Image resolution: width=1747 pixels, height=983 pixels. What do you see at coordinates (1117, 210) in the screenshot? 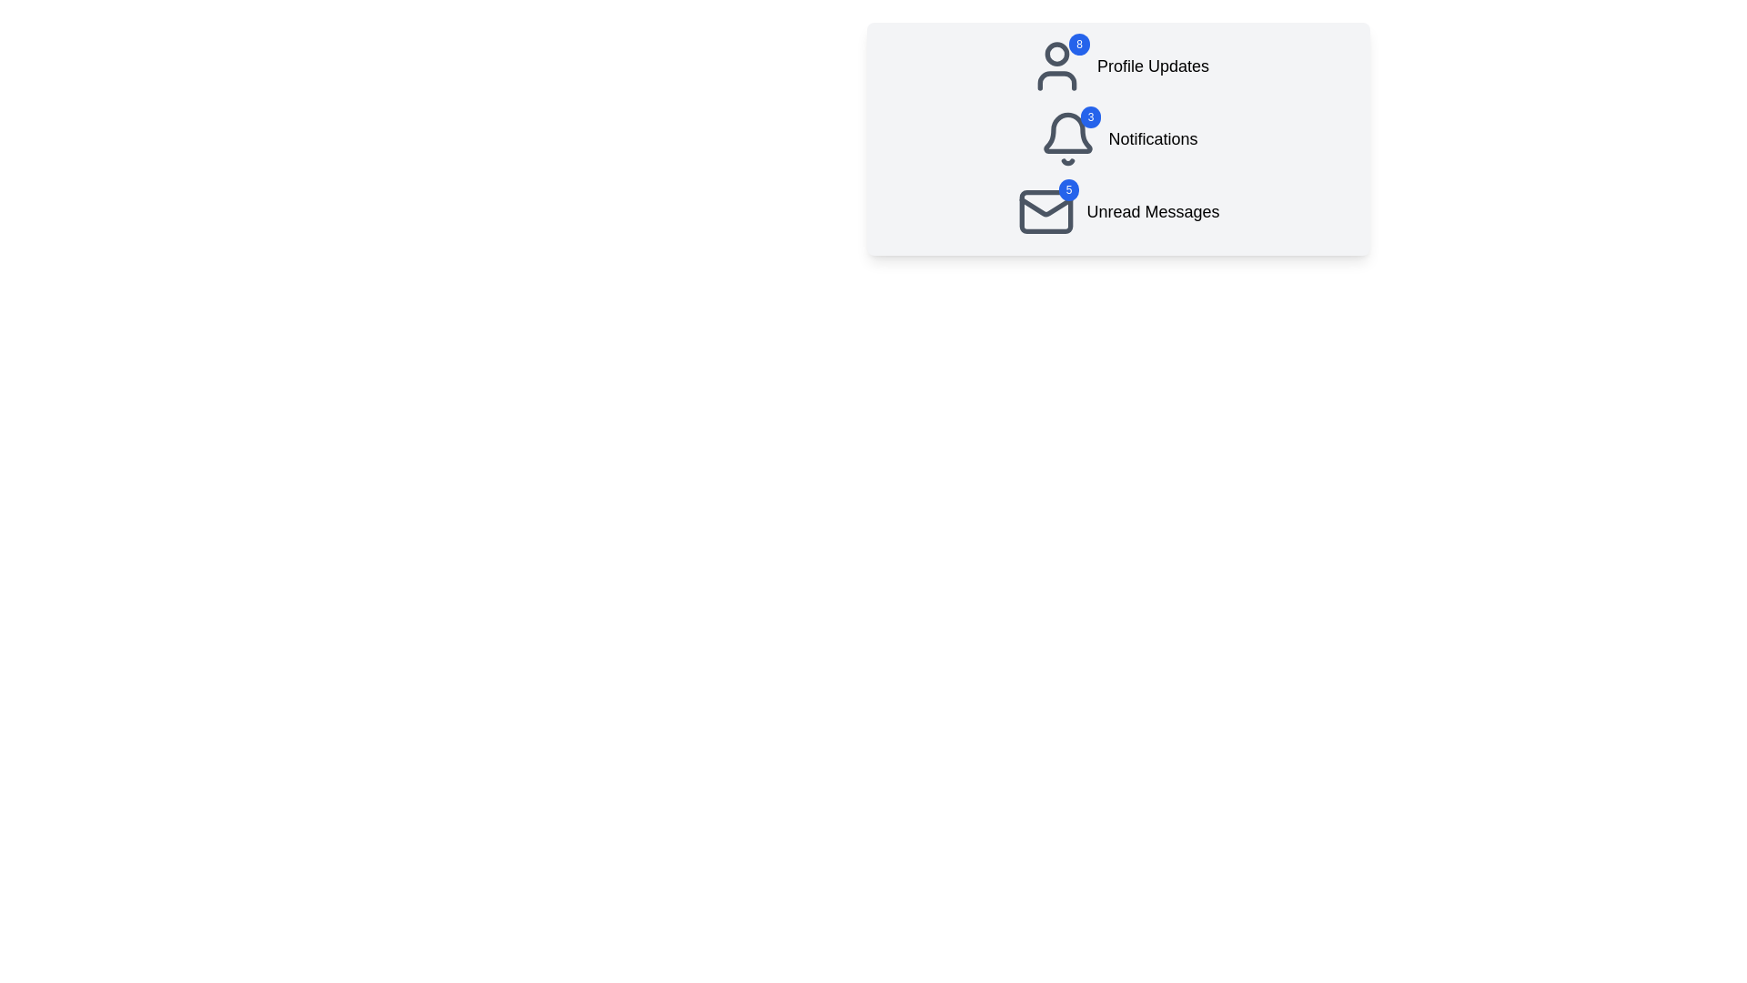
I see `the 'Unread Messages' informational display element for accessibility purposes` at bounding box center [1117, 210].